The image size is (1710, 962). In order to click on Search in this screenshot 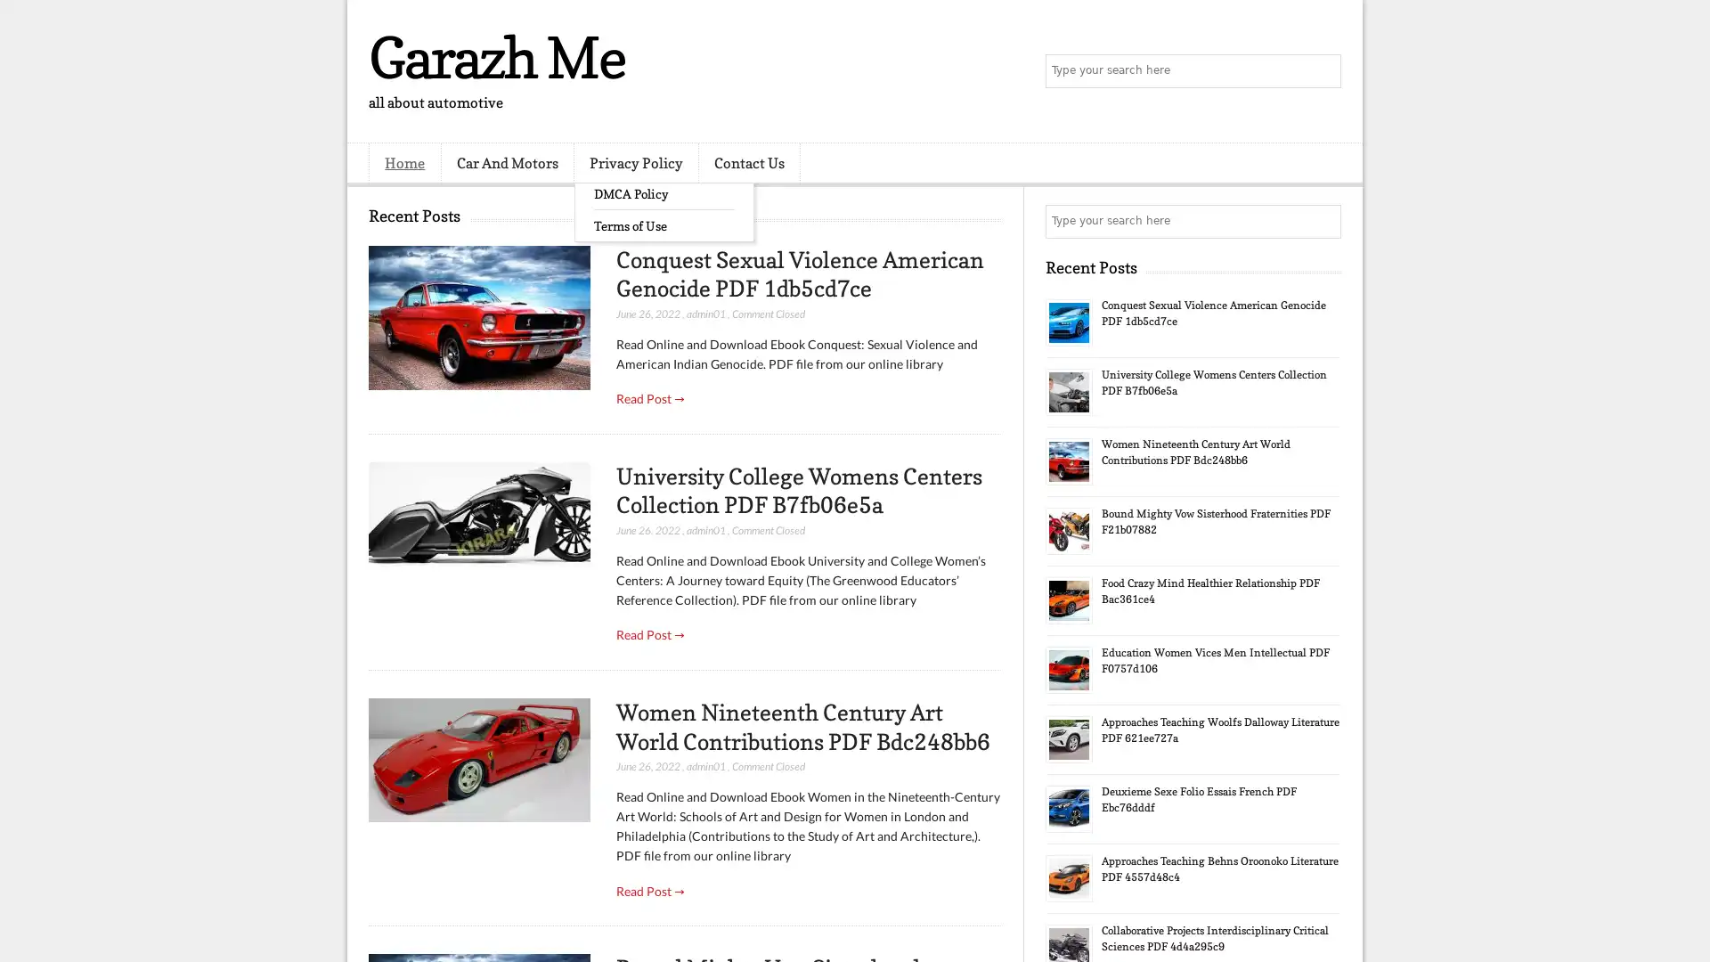, I will do `click(1323, 71)`.